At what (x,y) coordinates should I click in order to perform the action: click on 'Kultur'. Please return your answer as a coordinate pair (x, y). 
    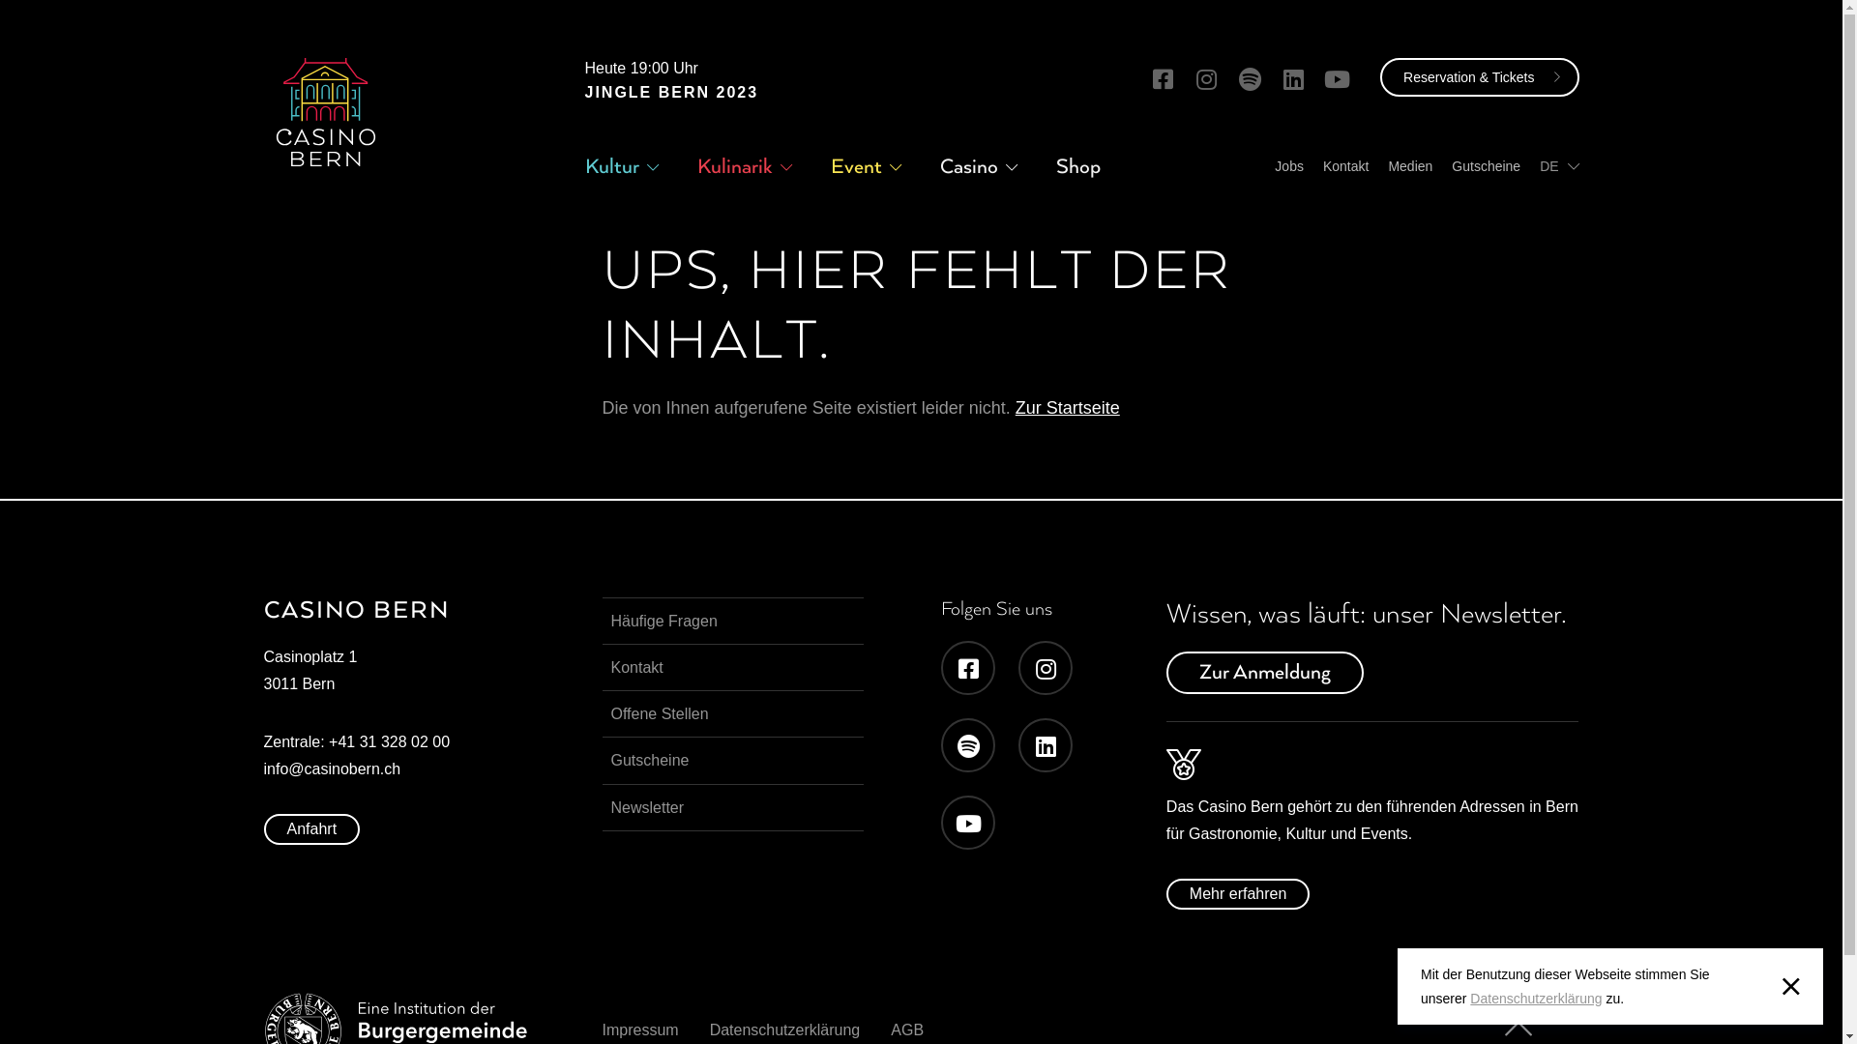
    Looking at the image, I should click on (610, 165).